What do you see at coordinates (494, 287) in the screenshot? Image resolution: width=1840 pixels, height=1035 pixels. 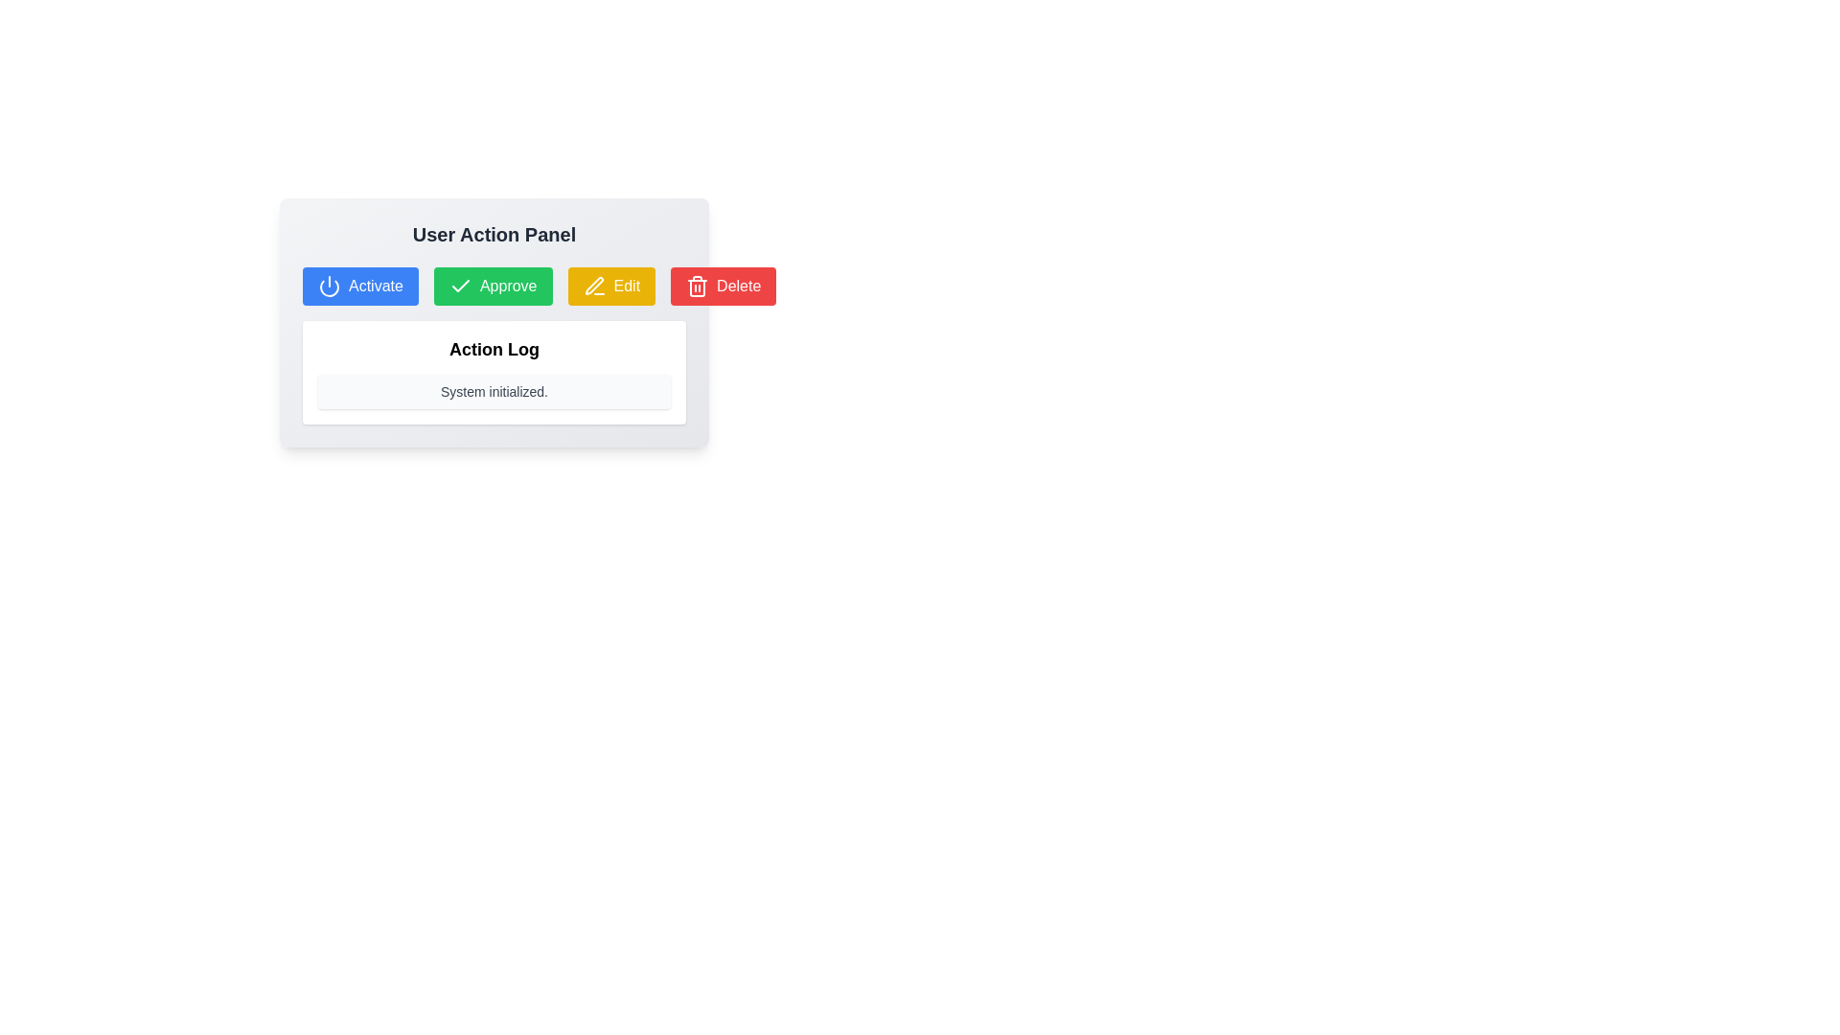 I see `the green 'Approve' button with a check icon, which is the second button in the row of four buttons in the 'User Action Panel' section` at bounding box center [494, 287].